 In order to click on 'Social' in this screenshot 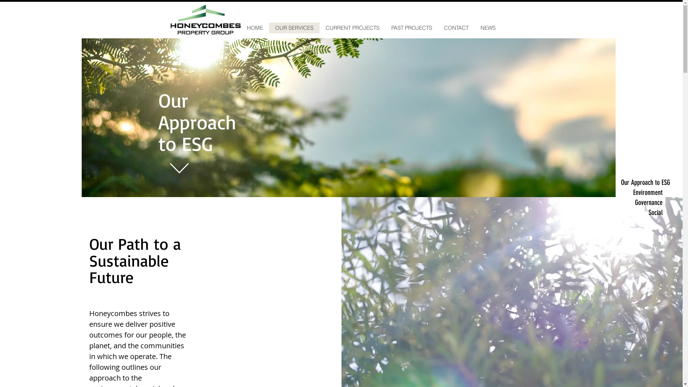, I will do `click(620, 212)`.